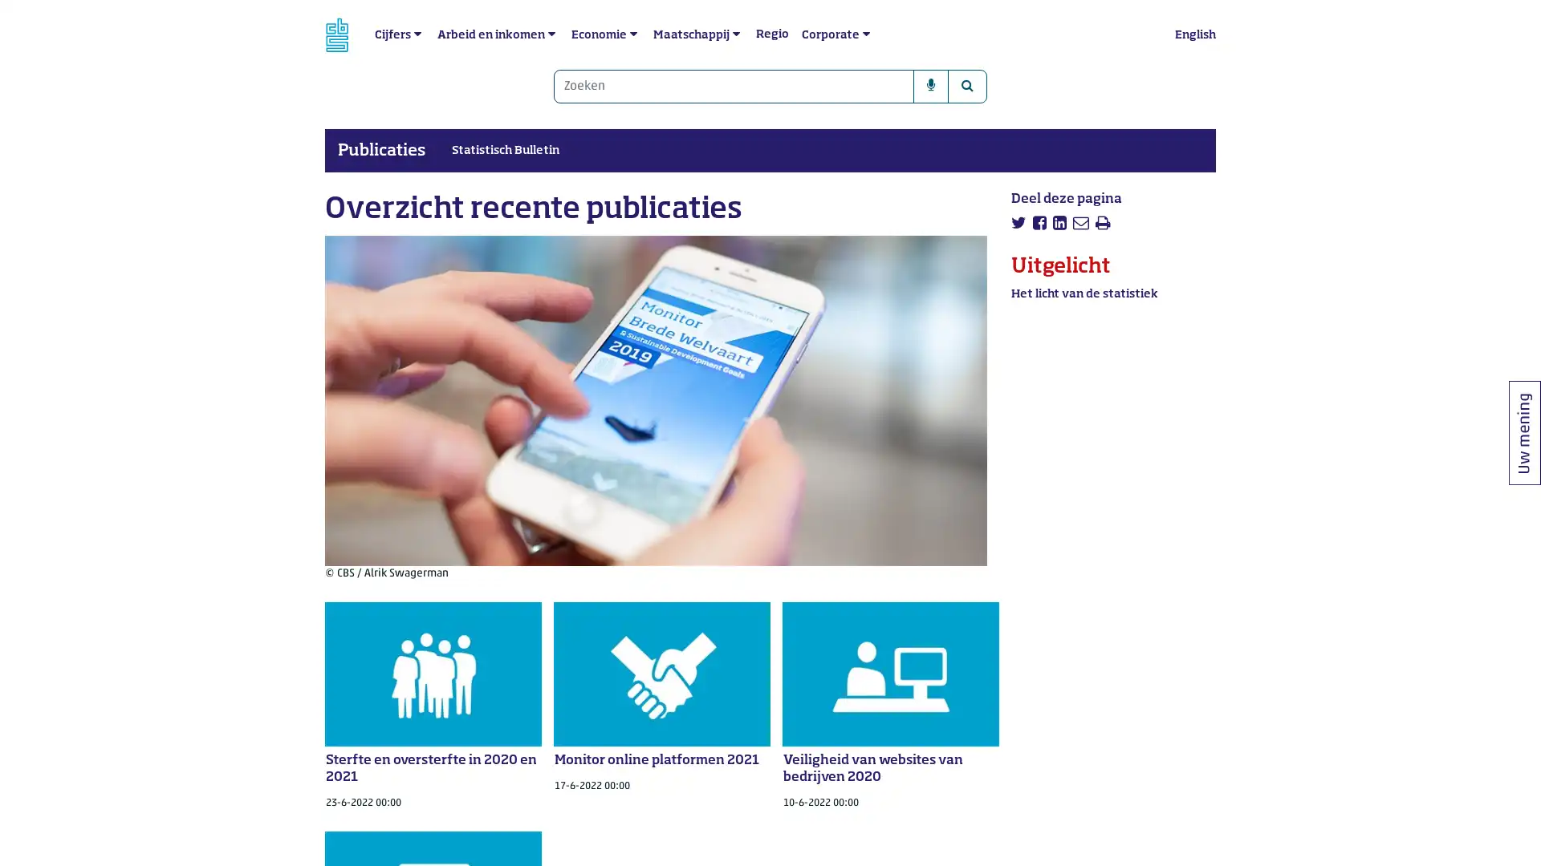 Image resolution: width=1541 pixels, height=866 pixels. What do you see at coordinates (865, 34) in the screenshot?
I see `submenu Corporate` at bounding box center [865, 34].